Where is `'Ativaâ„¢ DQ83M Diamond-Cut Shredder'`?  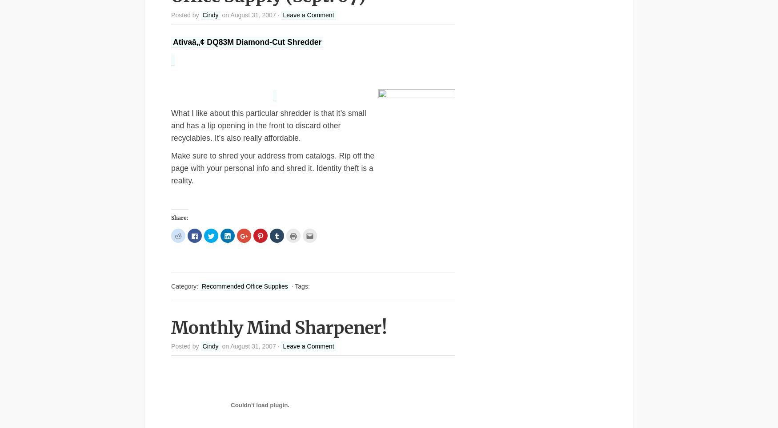
'Ativaâ„¢ DQ83M Diamond-Cut Shredder' is located at coordinates (172, 41).